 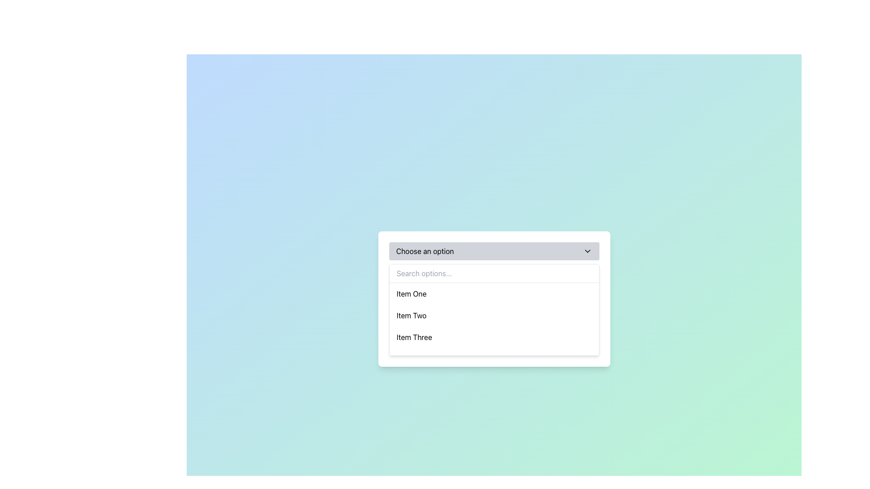 What do you see at coordinates (414, 337) in the screenshot?
I see `the text label displaying 'Item Three' in the dropdown menu list` at bounding box center [414, 337].